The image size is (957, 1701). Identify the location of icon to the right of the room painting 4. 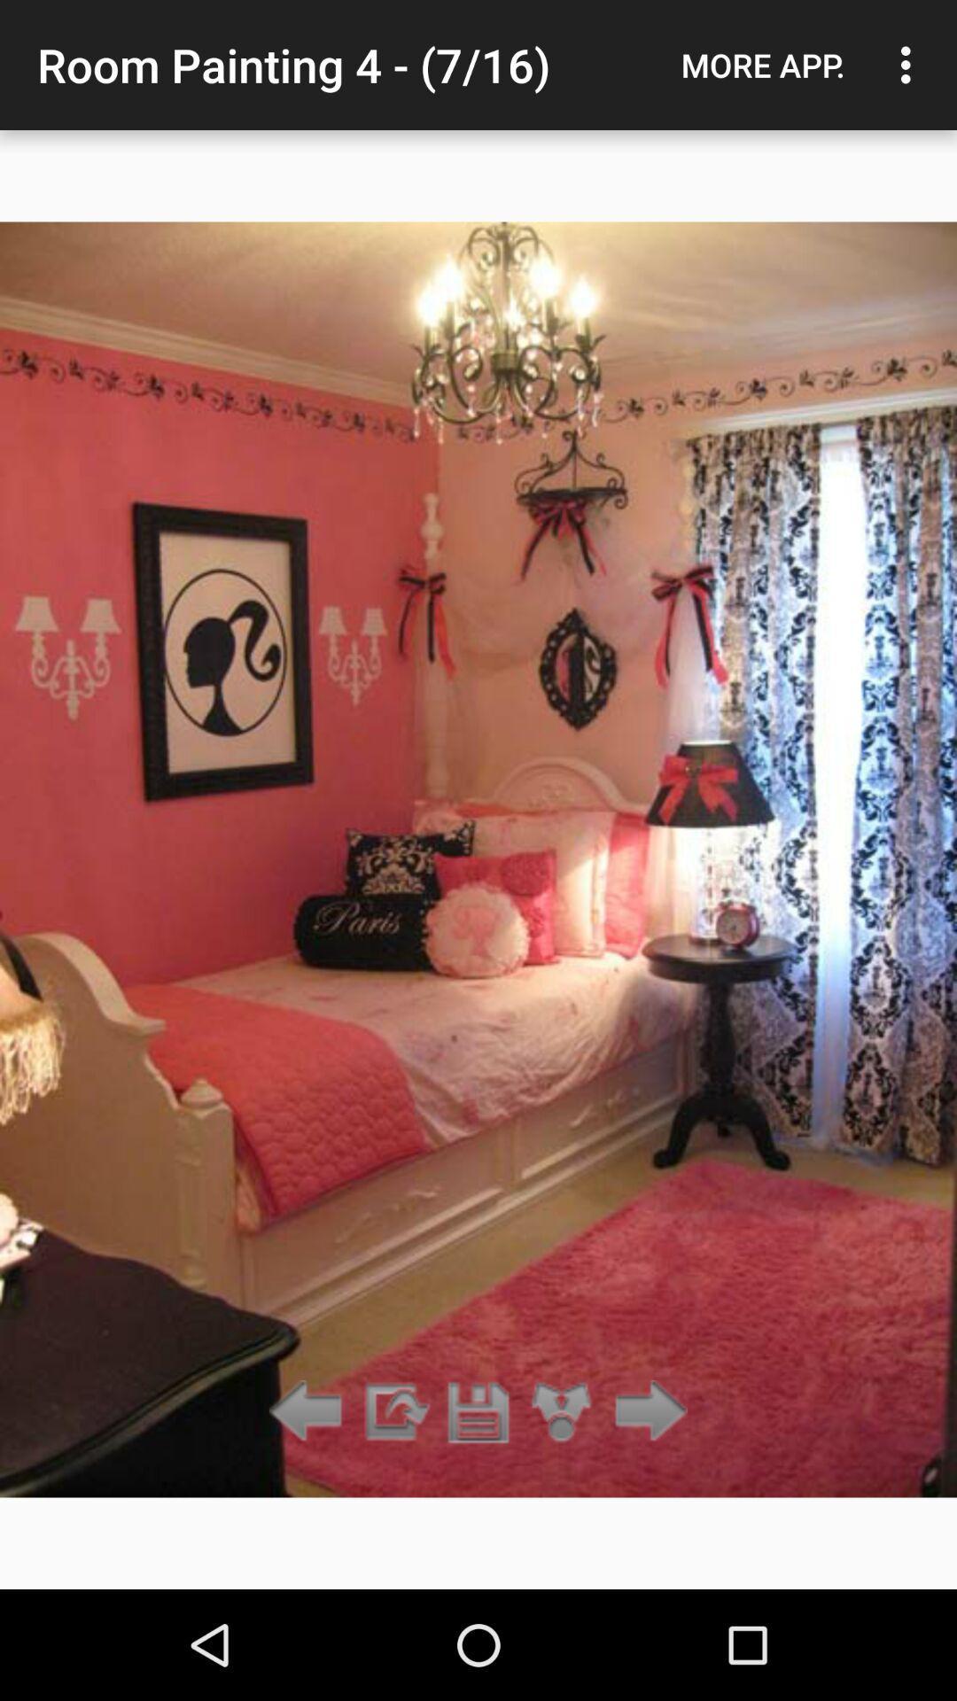
(762, 65).